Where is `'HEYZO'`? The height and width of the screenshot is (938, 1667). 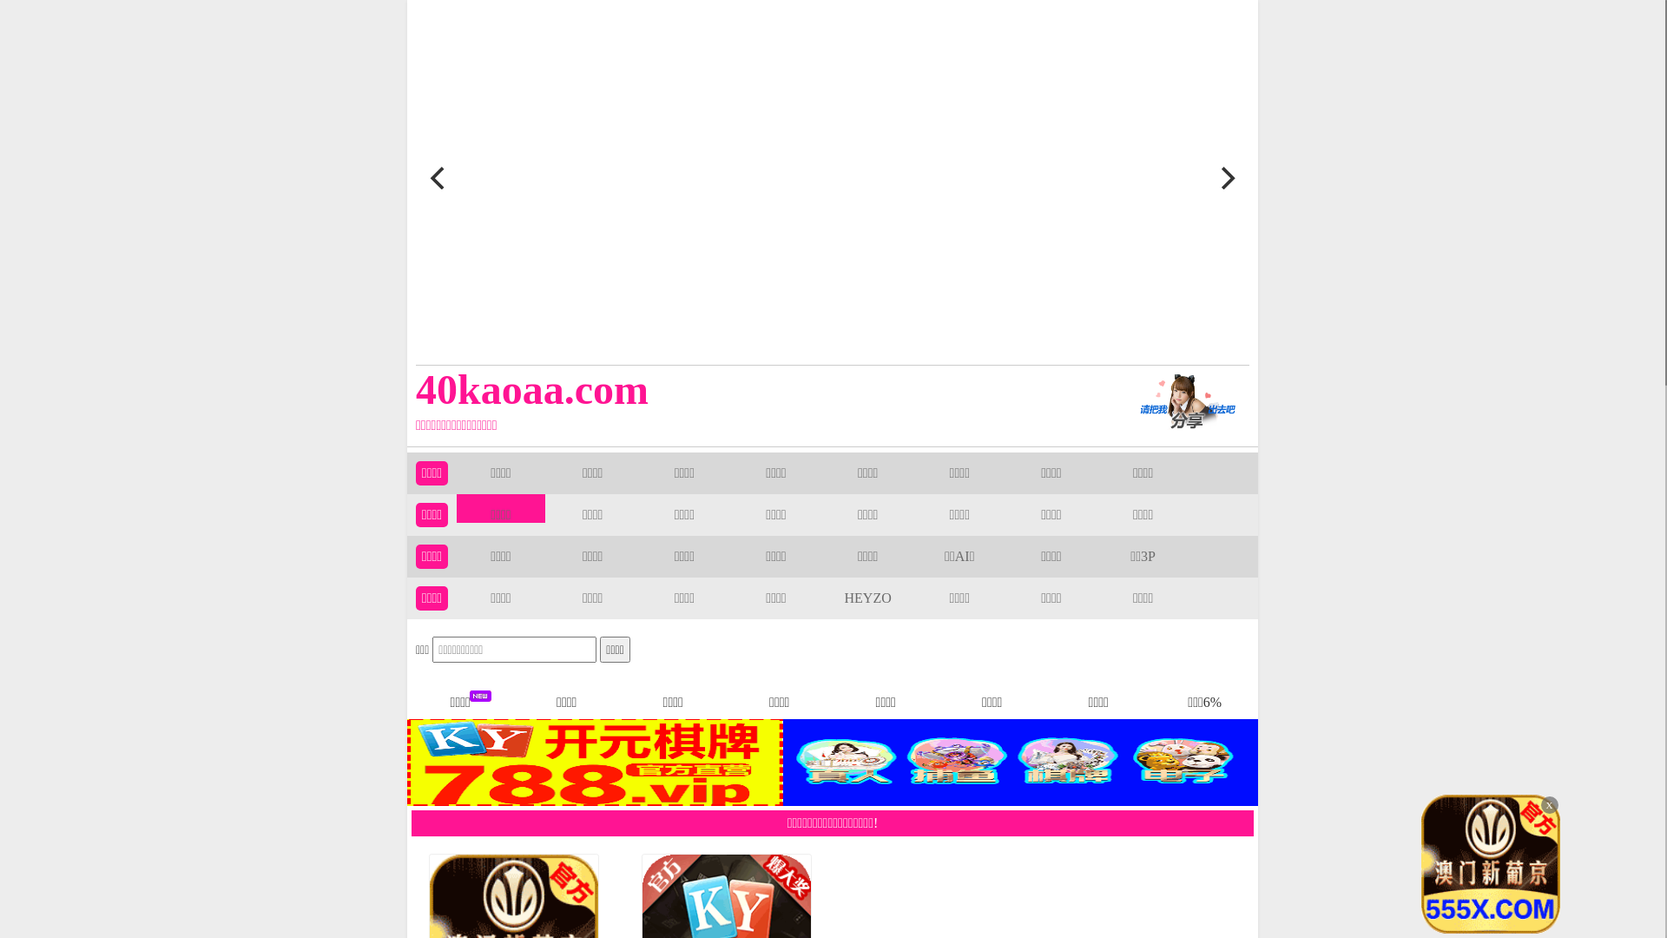
'HEYZO' is located at coordinates (867, 597).